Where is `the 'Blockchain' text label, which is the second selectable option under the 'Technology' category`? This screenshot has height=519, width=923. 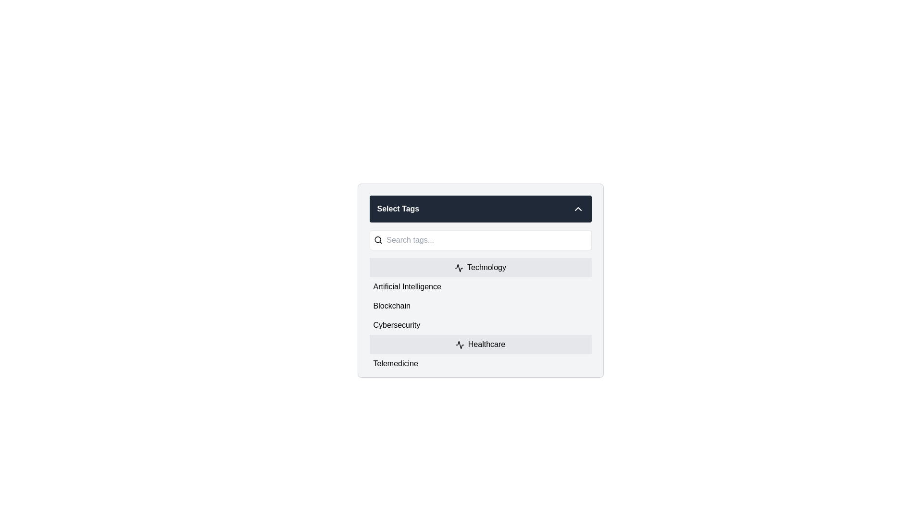 the 'Blockchain' text label, which is the second selectable option under the 'Technology' category is located at coordinates (392, 306).